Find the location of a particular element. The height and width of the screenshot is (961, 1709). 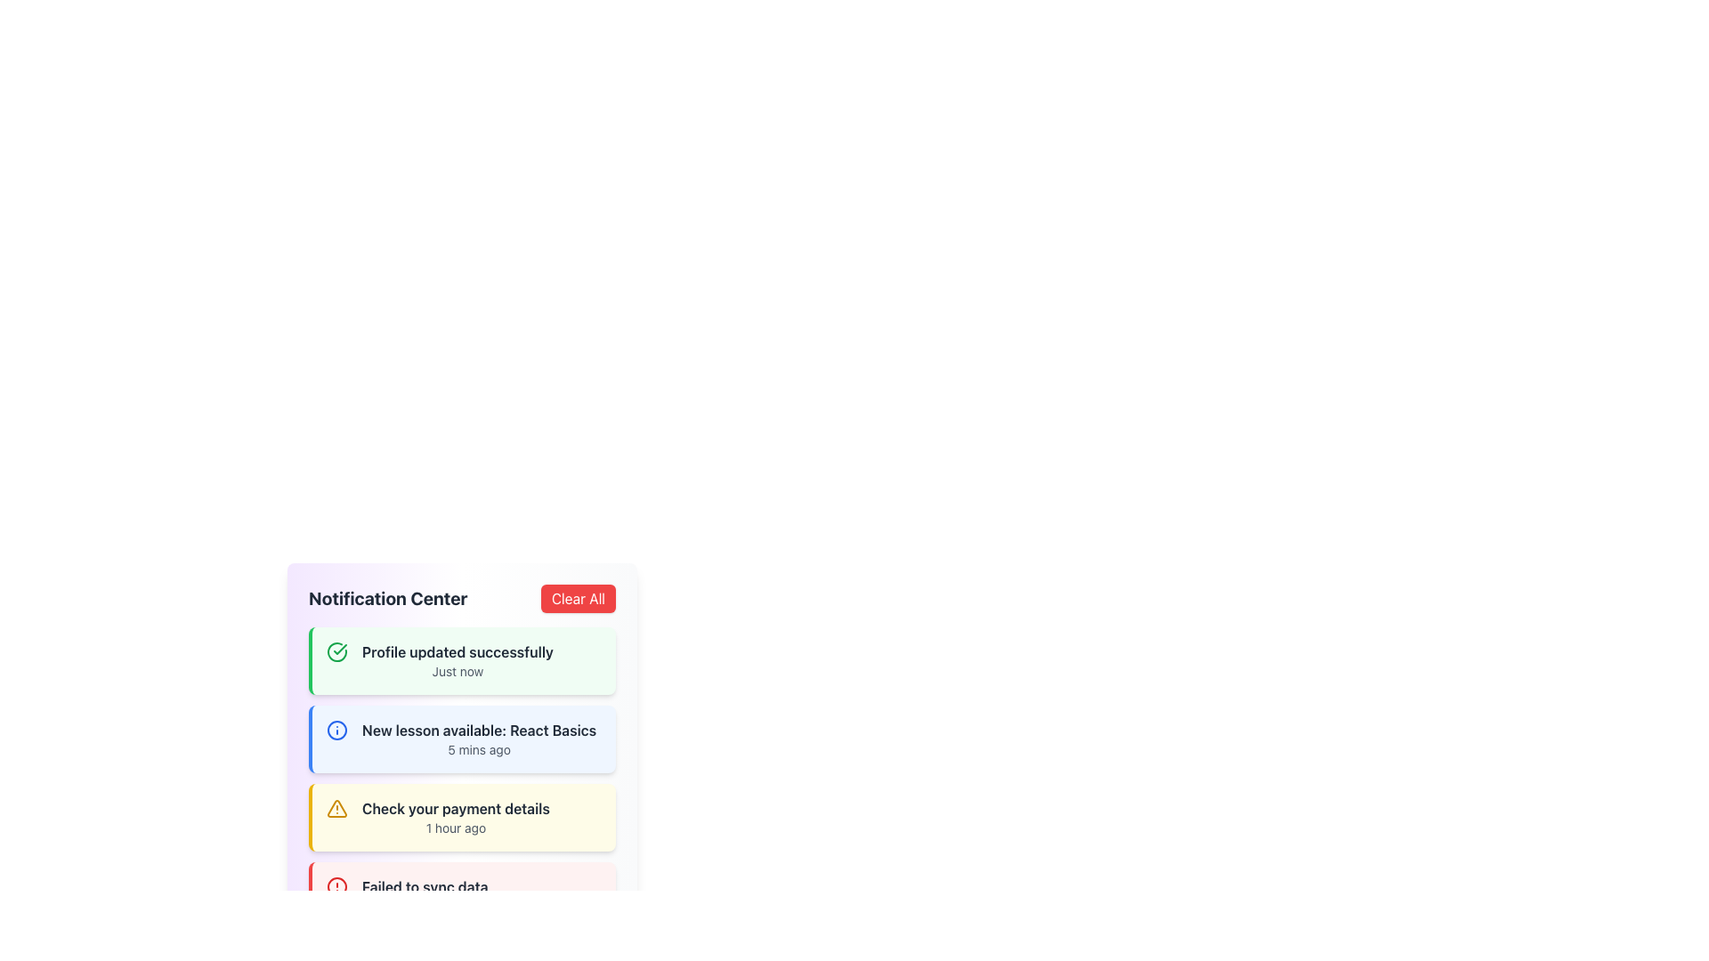

the title text of the notification indicating the availability of a new lesson titled 'React Basics' in the second notification slot of the Notification Center is located at coordinates (479, 731).